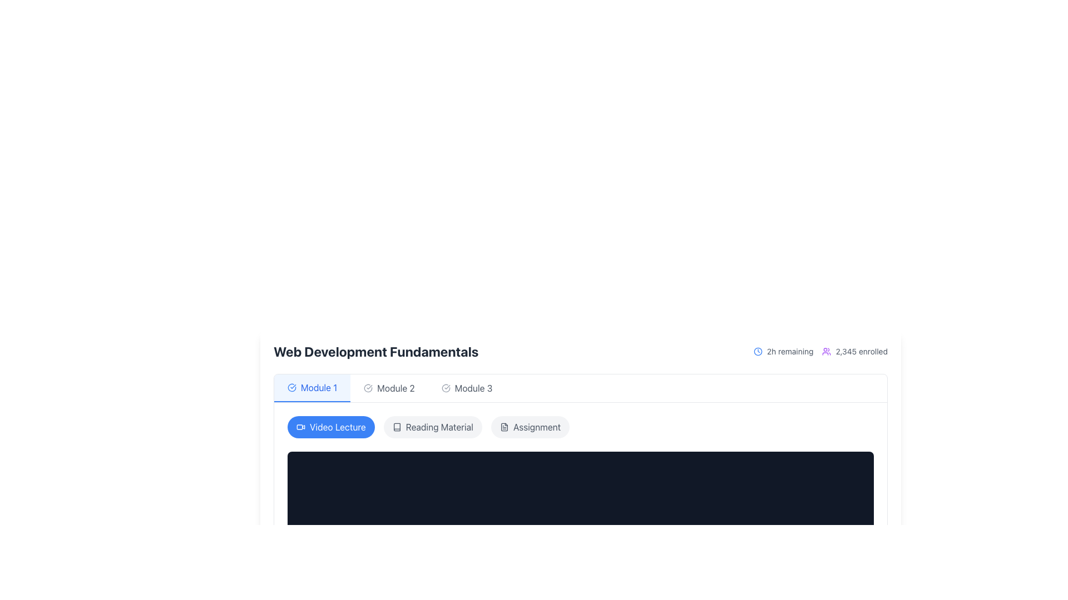 The image size is (1068, 600). What do you see at coordinates (861, 351) in the screenshot?
I see `text label displaying '2,345 enrolled' located at the bottom-right corner of the header section to understand enrollment statistics` at bounding box center [861, 351].